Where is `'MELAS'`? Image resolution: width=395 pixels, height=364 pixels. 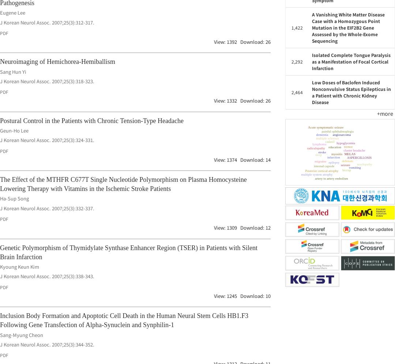 'MELAS' is located at coordinates (324, 161).